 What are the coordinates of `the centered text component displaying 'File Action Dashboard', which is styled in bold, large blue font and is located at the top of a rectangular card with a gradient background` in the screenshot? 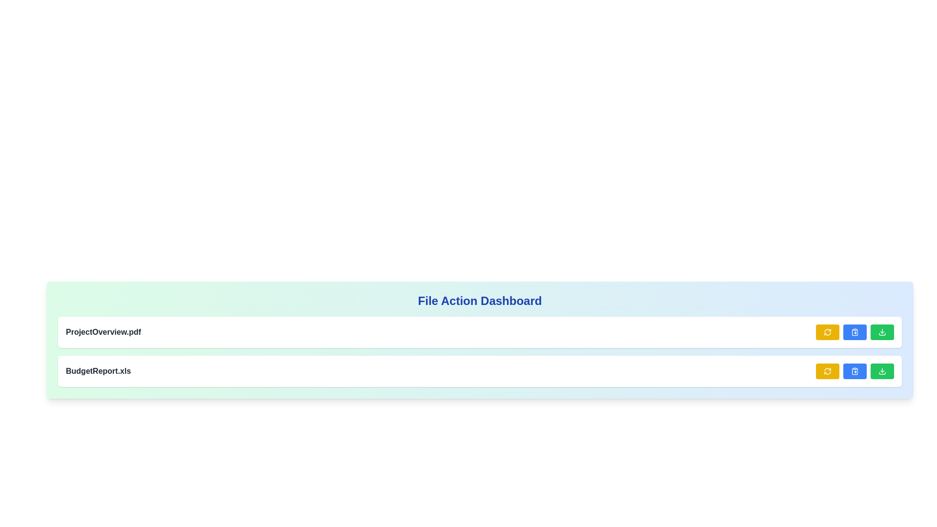 It's located at (480, 301).